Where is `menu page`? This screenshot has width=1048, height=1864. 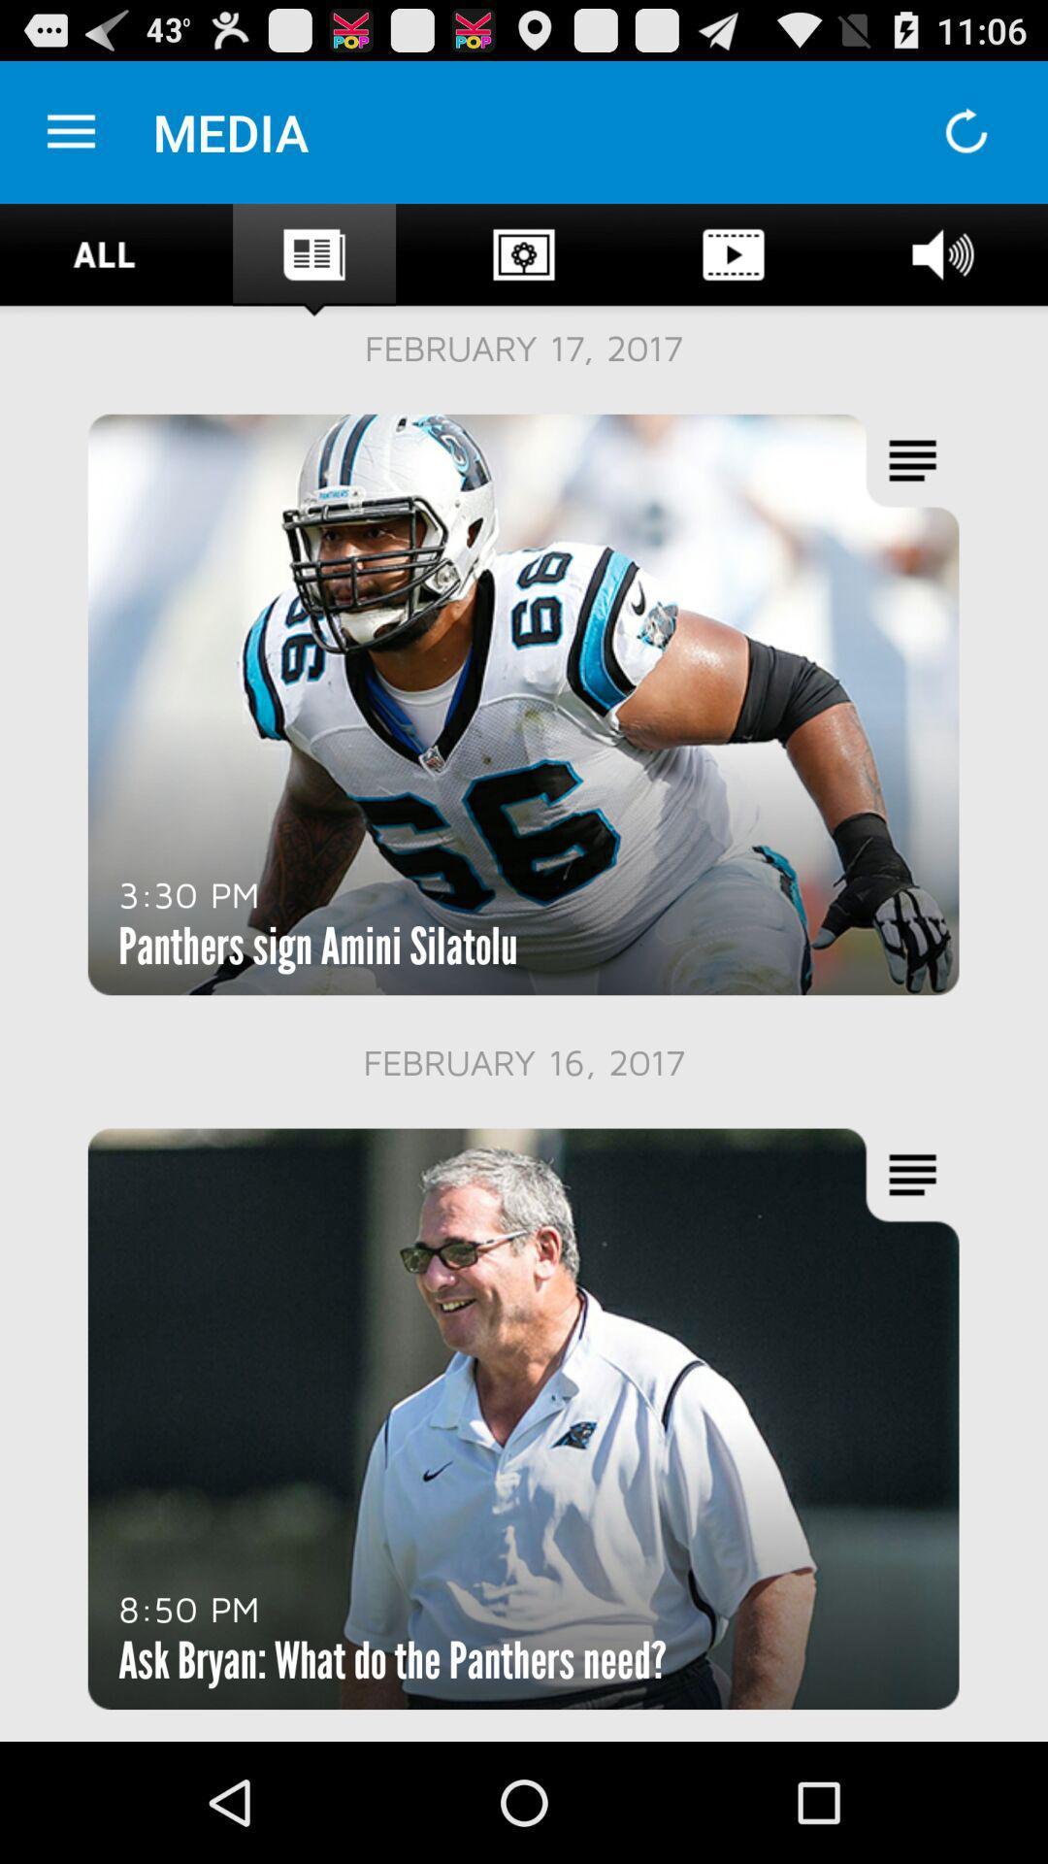 menu page is located at coordinates (70, 131).